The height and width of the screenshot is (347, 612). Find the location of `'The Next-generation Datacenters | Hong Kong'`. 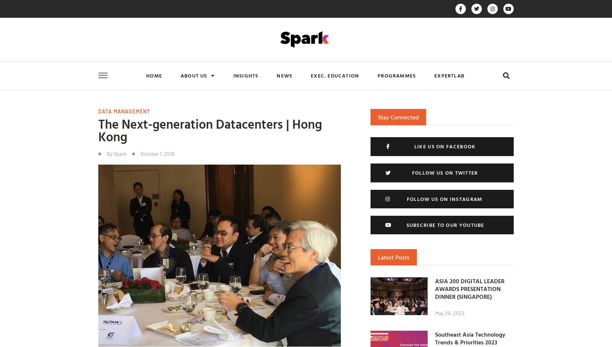

'The Next-generation Datacenters | Hong Kong' is located at coordinates (210, 130).